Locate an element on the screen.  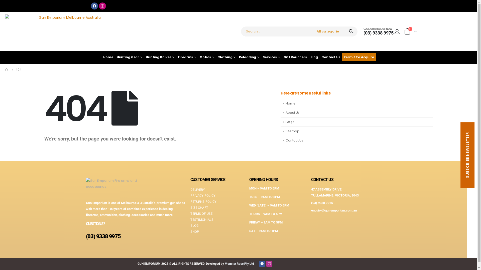
'Hunting Gear' is located at coordinates (130, 57).